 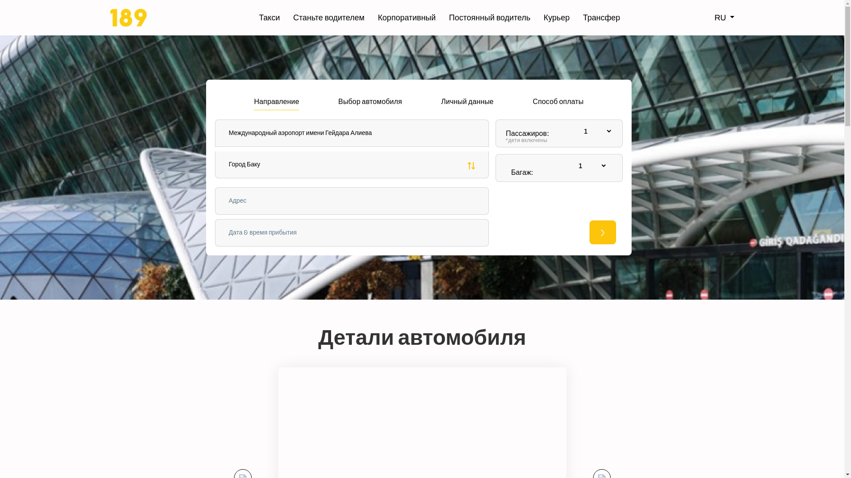 I want to click on 'RU', so click(x=724, y=17).